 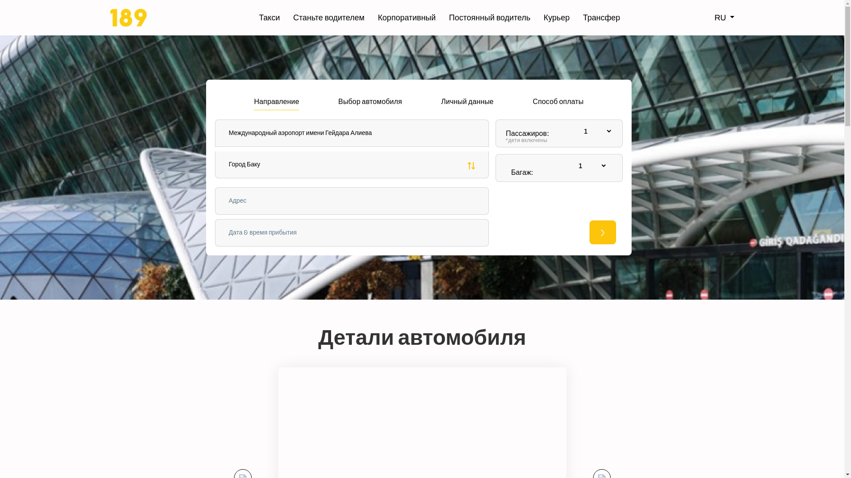 I want to click on 'RU', so click(x=724, y=17).